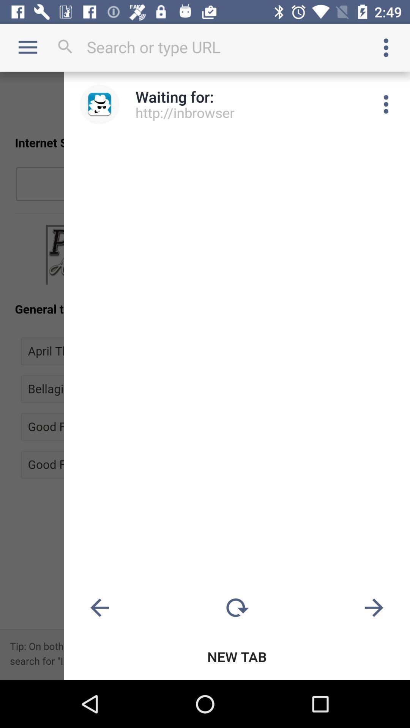 The image size is (410, 728). Describe the element at coordinates (185, 112) in the screenshot. I see `the http://inbrowser item` at that location.